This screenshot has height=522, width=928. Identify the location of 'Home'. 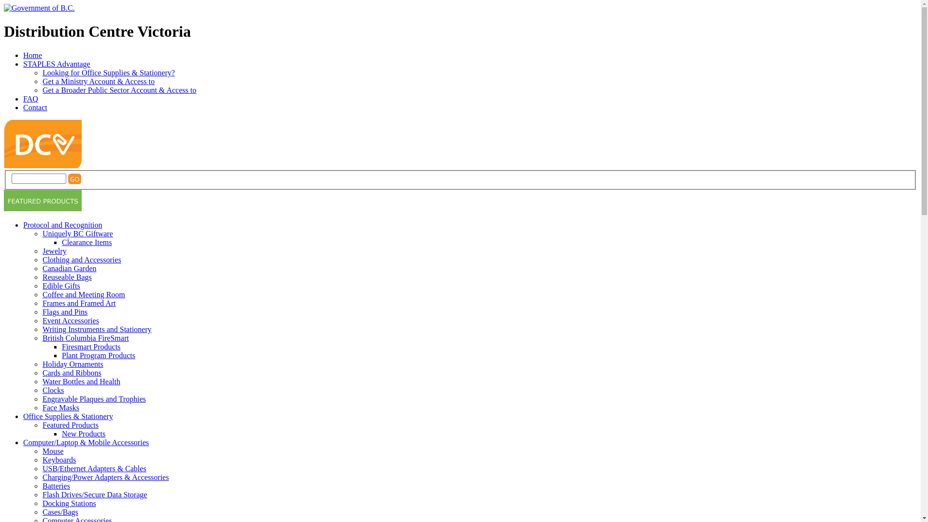
(32, 55).